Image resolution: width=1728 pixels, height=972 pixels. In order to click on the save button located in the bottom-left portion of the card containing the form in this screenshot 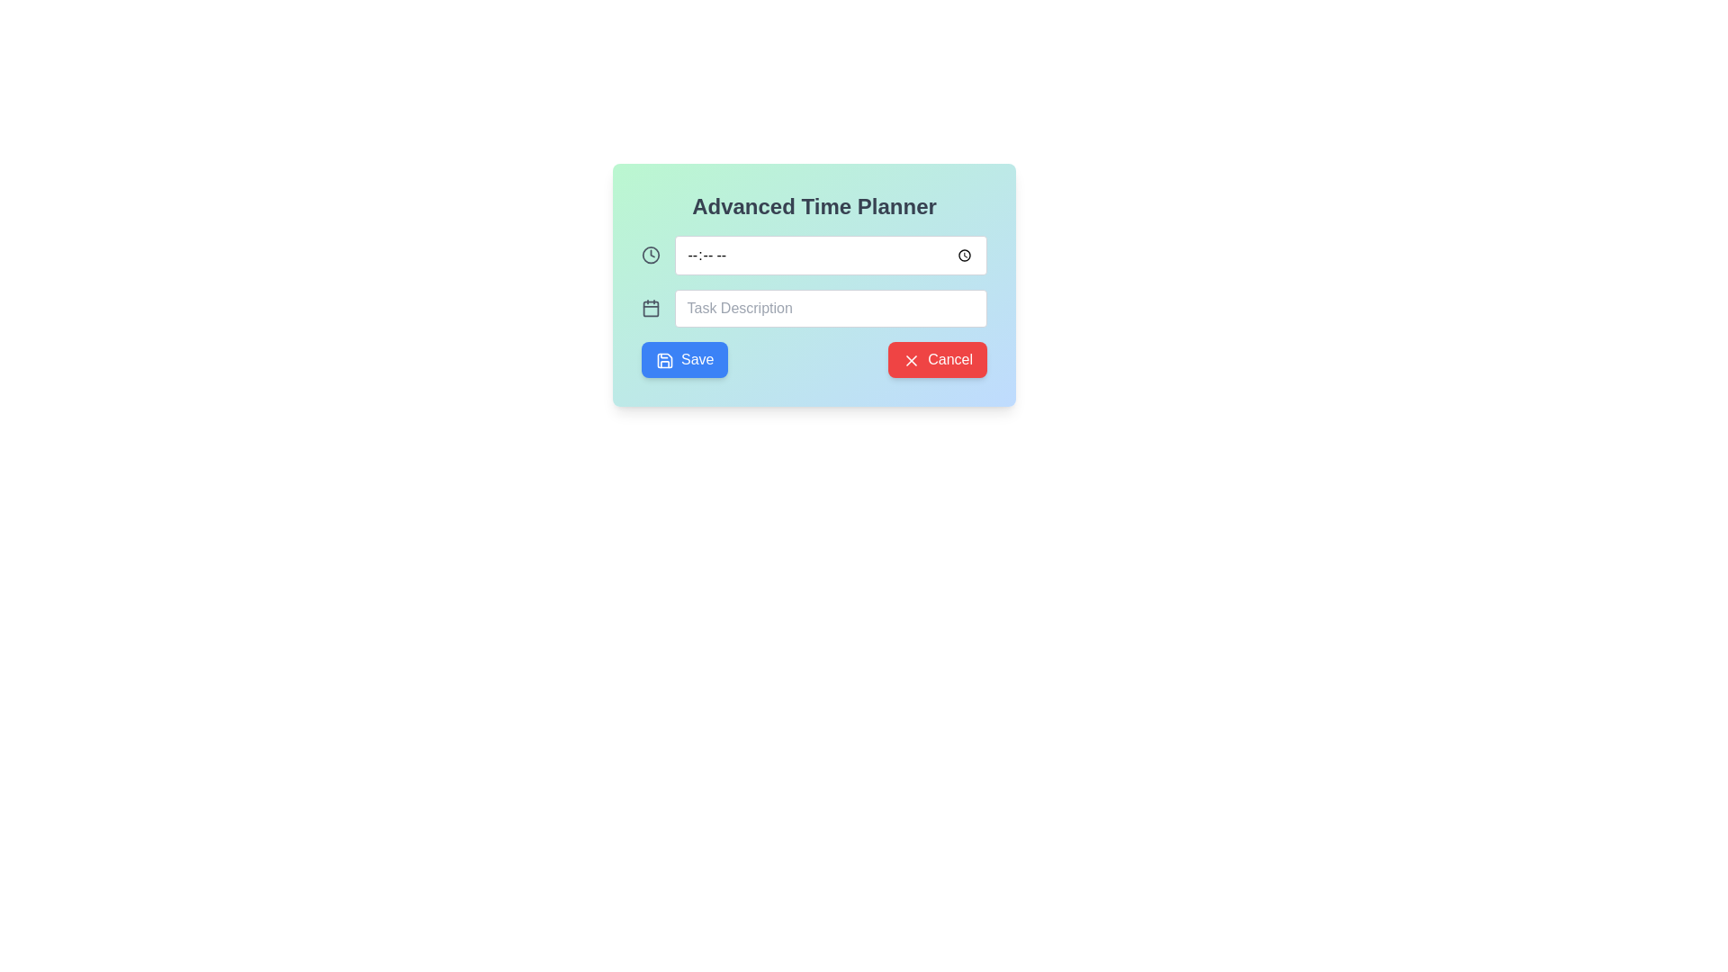, I will do `click(684, 360)`.